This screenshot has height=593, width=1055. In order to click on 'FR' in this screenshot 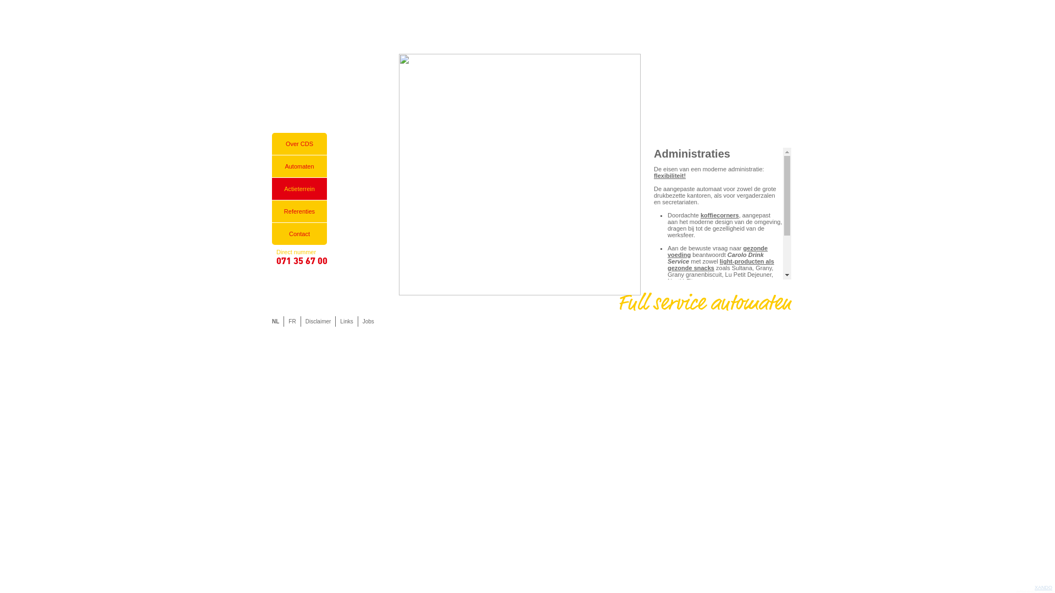, I will do `click(283, 321)`.